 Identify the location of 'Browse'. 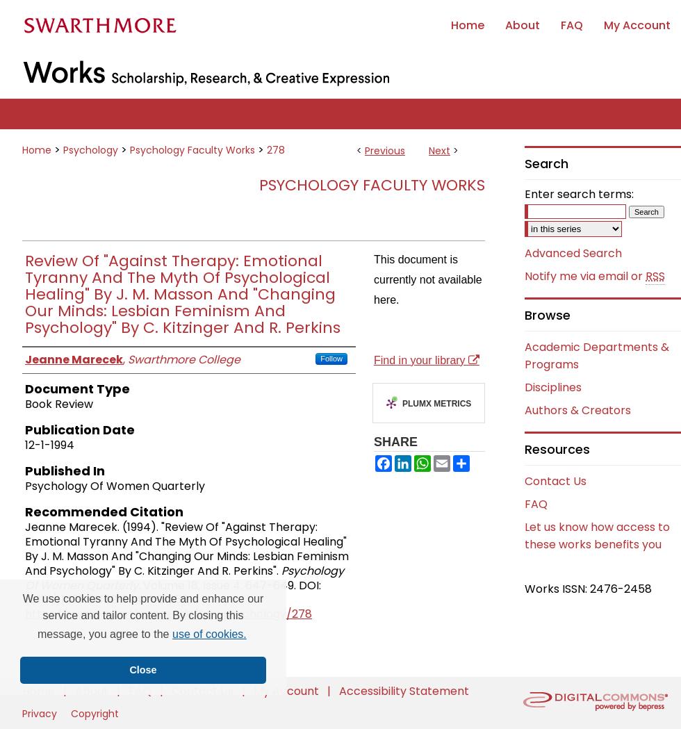
(548, 314).